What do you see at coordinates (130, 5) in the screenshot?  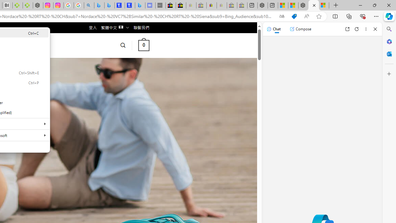 I see `'Shangri-La Bangkok, Hotel reviews and Room rates'` at bounding box center [130, 5].